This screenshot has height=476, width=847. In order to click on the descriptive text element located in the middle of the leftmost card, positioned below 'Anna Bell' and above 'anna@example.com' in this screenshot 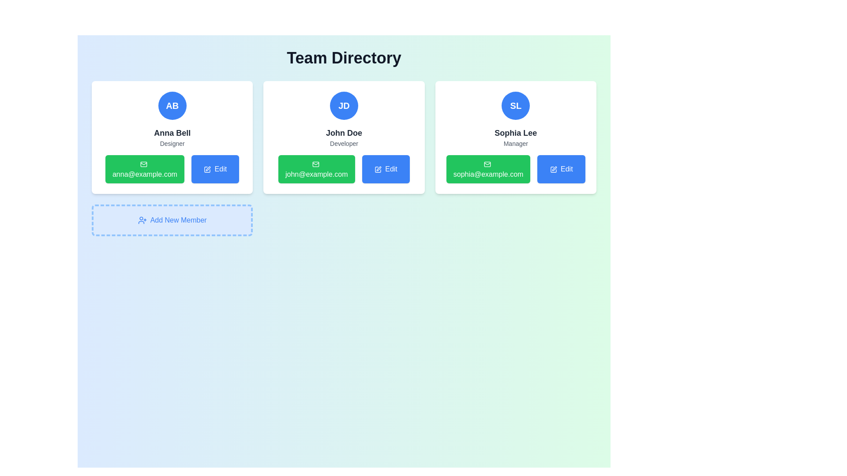, I will do `click(172, 143)`.